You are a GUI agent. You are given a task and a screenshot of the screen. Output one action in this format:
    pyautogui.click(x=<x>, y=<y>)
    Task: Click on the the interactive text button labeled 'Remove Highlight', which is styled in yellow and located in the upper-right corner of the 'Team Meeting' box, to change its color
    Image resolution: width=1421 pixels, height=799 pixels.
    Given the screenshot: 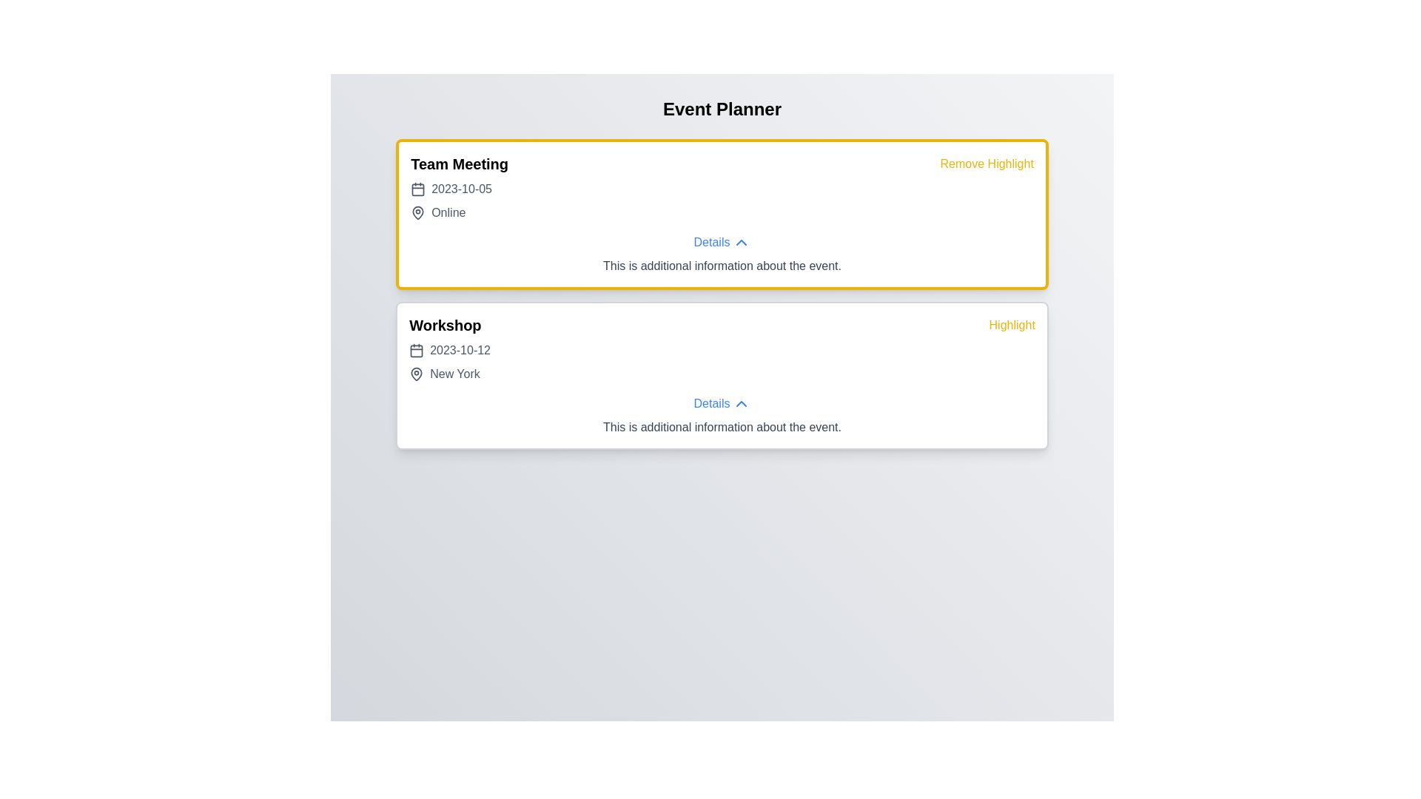 What is the action you would take?
    pyautogui.click(x=987, y=164)
    